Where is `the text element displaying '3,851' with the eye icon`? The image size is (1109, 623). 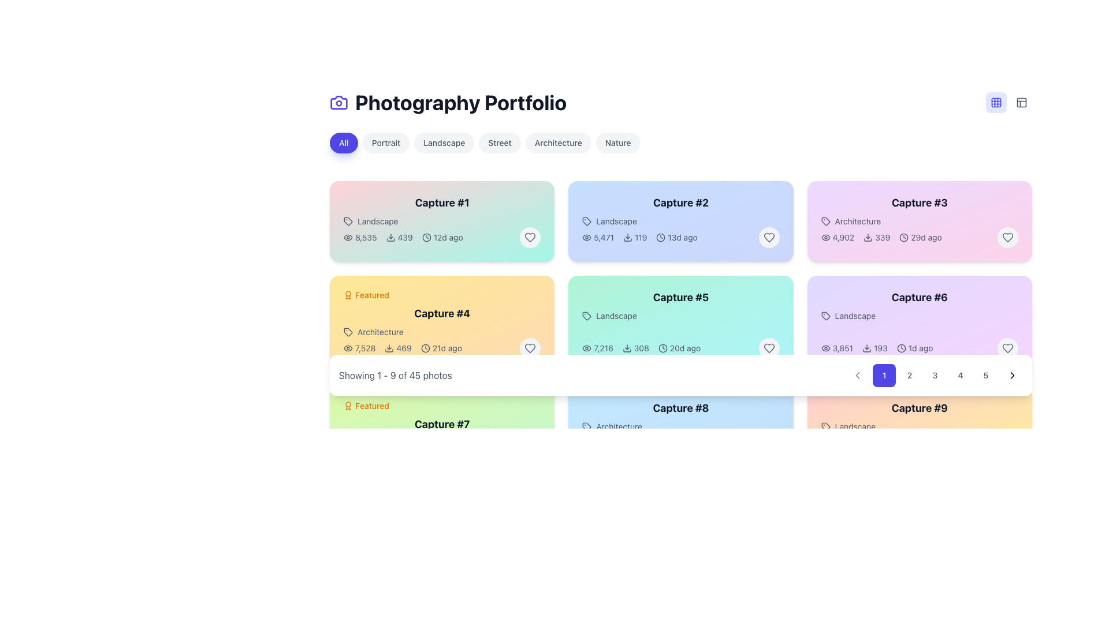 the text element displaying '3,851' with the eye icon is located at coordinates (837, 348).